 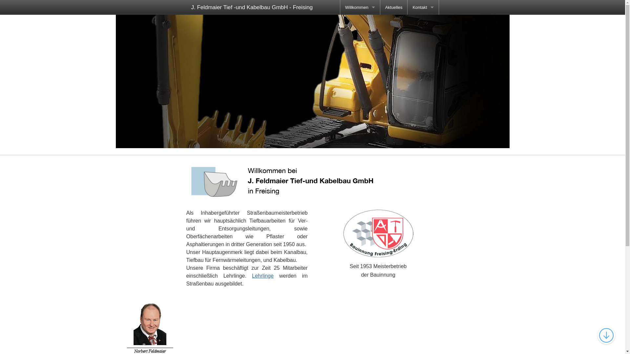 What do you see at coordinates (251, 7) in the screenshot?
I see `'J. Feldmaier Tief -und Kabelbau GmbH - Freising'` at bounding box center [251, 7].